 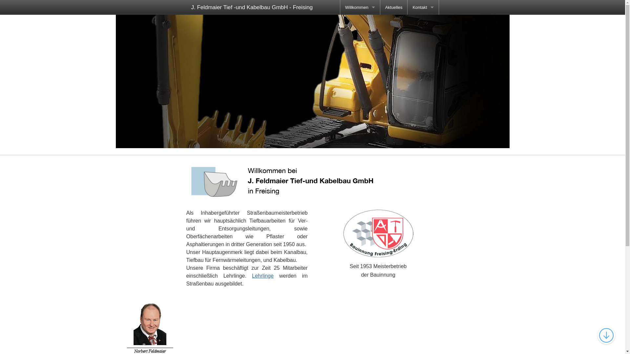 What do you see at coordinates (251, 7) in the screenshot?
I see `'J. Feldmaier Tief -und Kabelbau GmbH - Freising'` at bounding box center [251, 7].